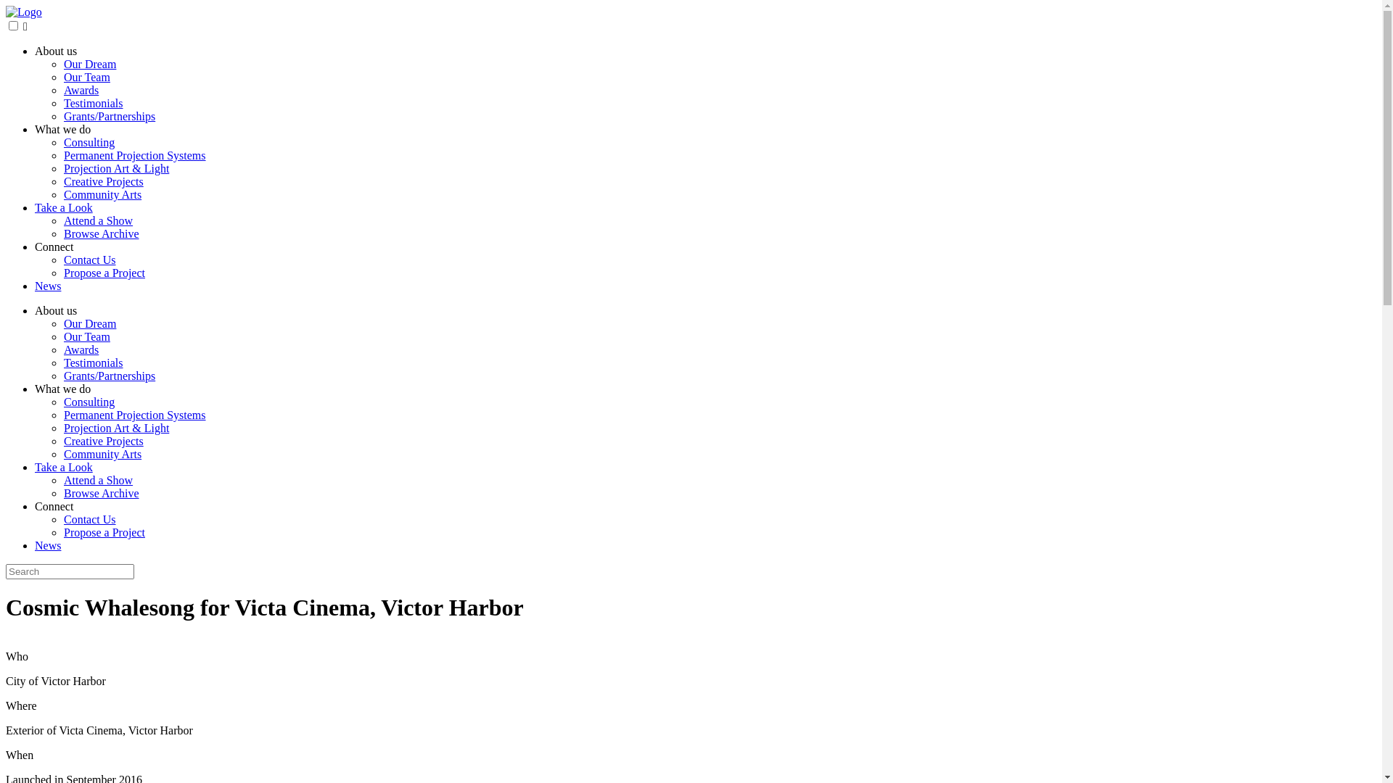  I want to click on 'Creative Projects', so click(103, 440).